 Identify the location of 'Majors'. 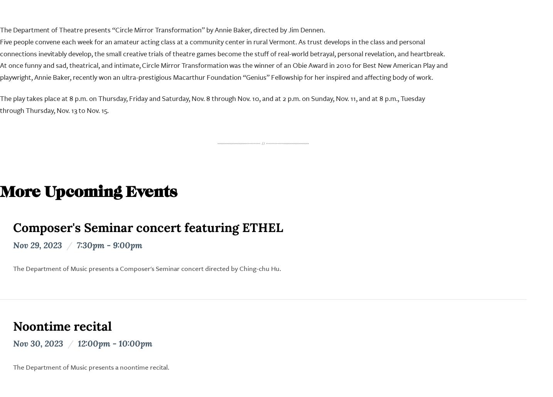
(511, 153).